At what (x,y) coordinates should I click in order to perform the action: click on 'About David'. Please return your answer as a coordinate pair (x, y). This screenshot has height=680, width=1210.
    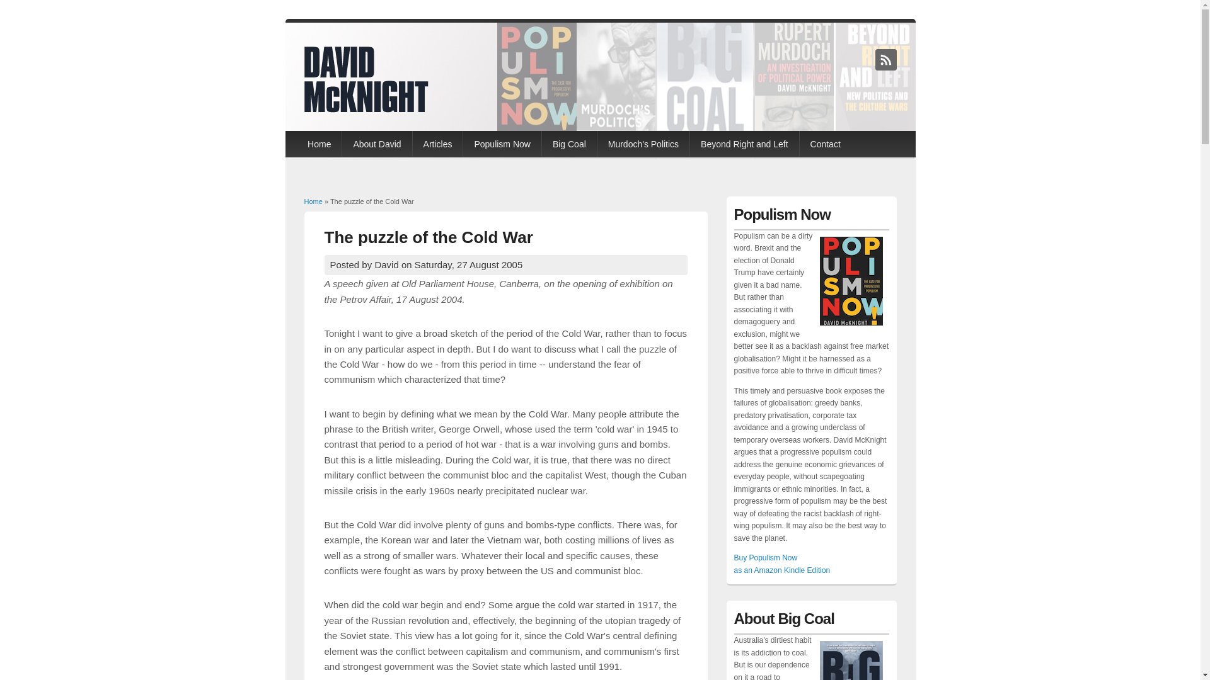
    Looking at the image, I should click on (342, 143).